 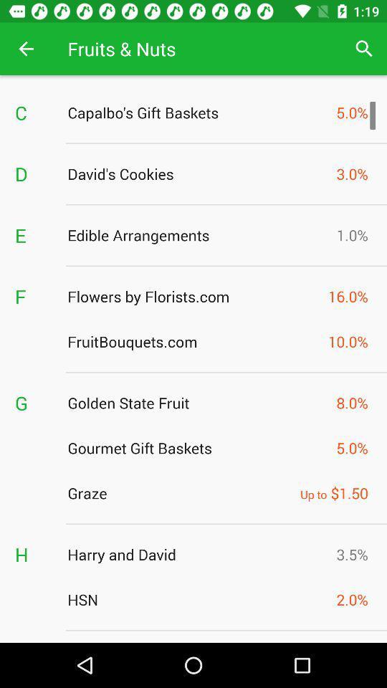 What do you see at coordinates (26, 49) in the screenshot?
I see `the icon above the c item` at bounding box center [26, 49].